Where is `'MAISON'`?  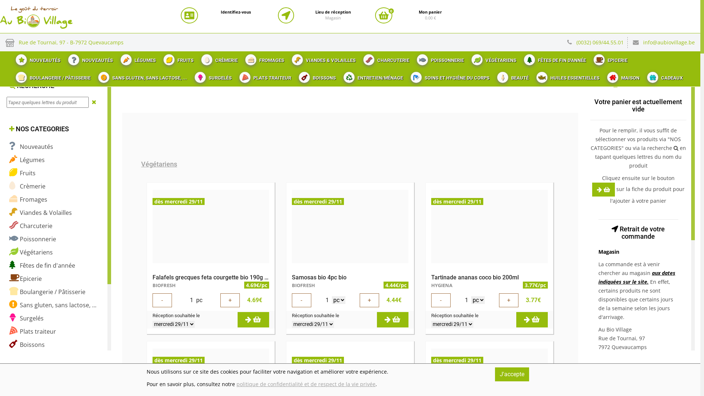
'MAISON' is located at coordinates (622, 76).